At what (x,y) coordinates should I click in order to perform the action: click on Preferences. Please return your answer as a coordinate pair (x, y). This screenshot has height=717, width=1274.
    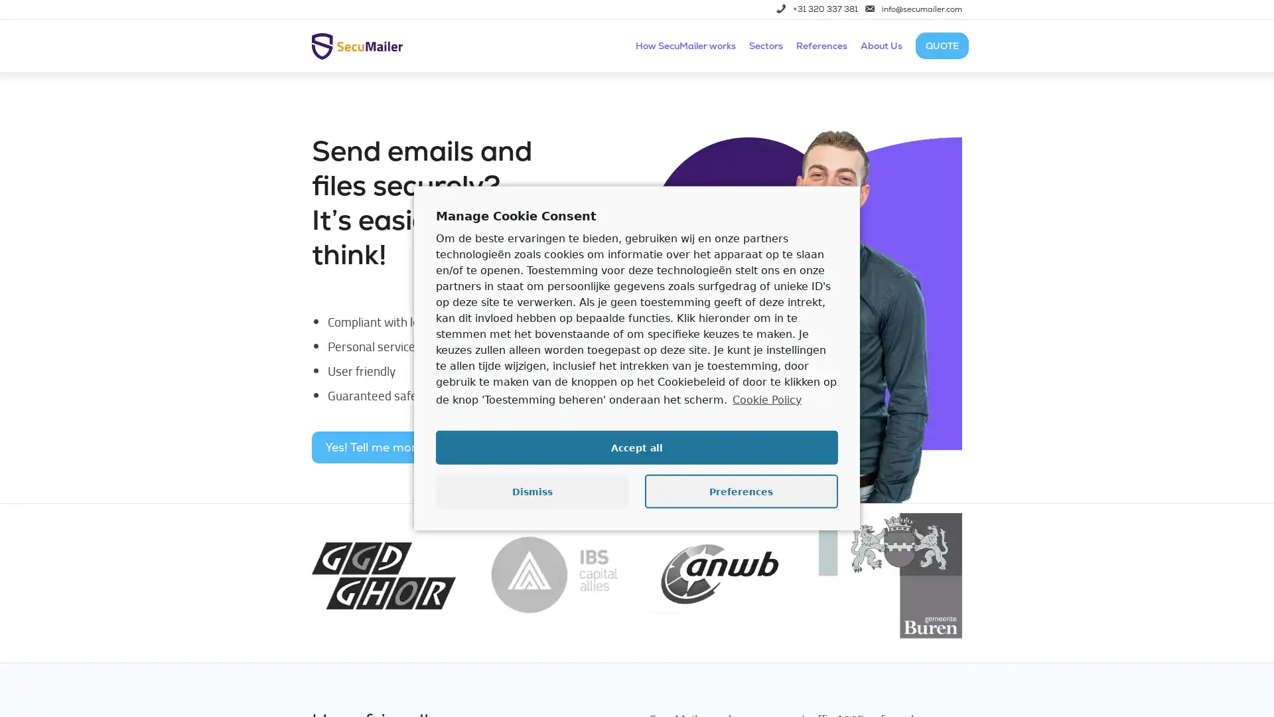
    Looking at the image, I should click on (741, 491).